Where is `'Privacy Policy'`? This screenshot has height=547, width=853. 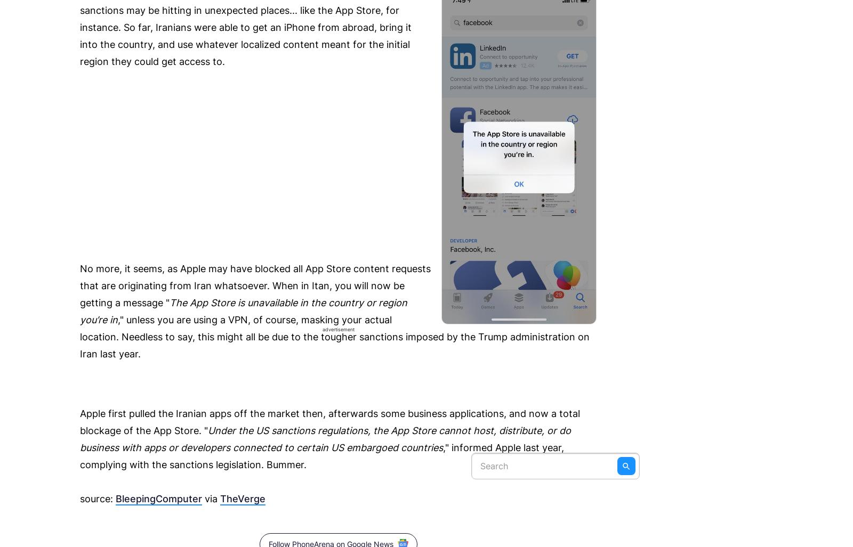 'Privacy Policy' is located at coordinates (452, 40).